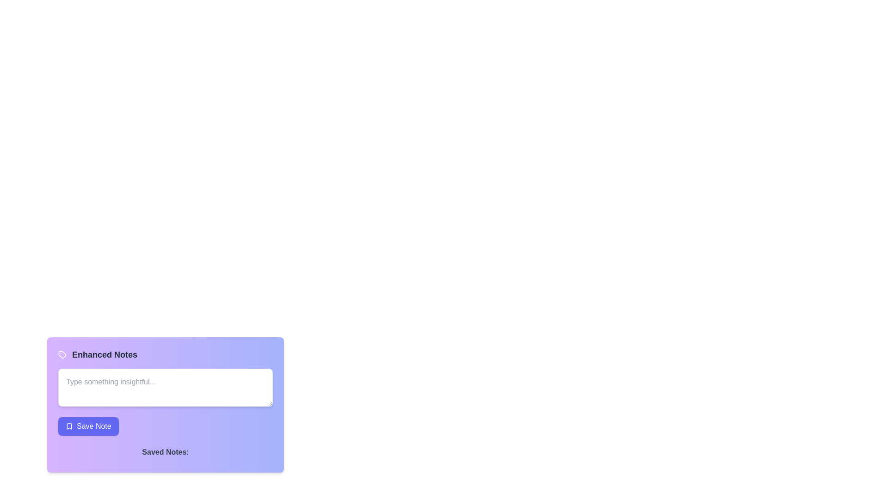 The image size is (888, 499). What do you see at coordinates (62, 354) in the screenshot?
I see `the informational icon located in the header section of the 'Enhanced Notes' interface, positioned next to the title text` at bounding box center [62, 354].